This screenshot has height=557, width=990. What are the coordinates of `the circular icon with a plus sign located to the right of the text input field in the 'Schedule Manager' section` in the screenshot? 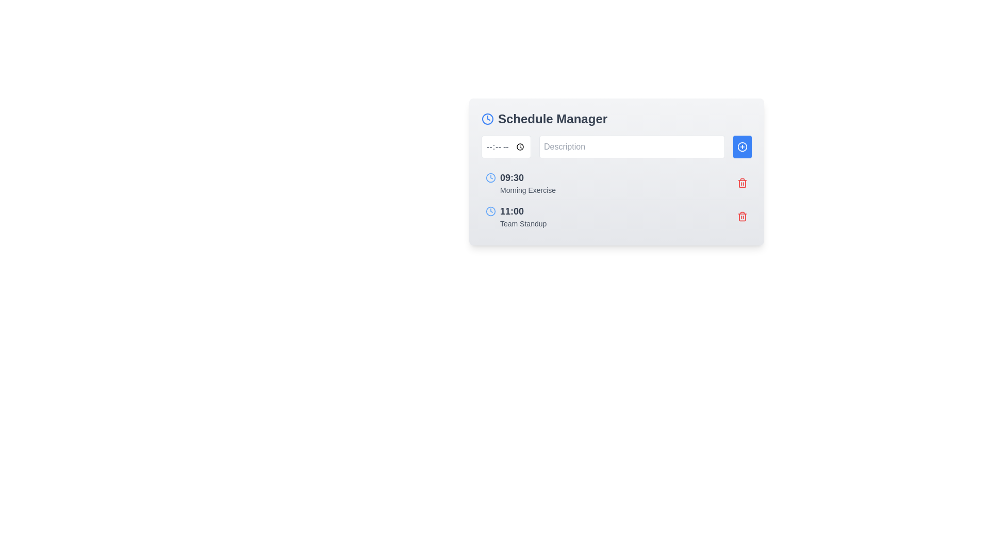 It's located at (742, 147).